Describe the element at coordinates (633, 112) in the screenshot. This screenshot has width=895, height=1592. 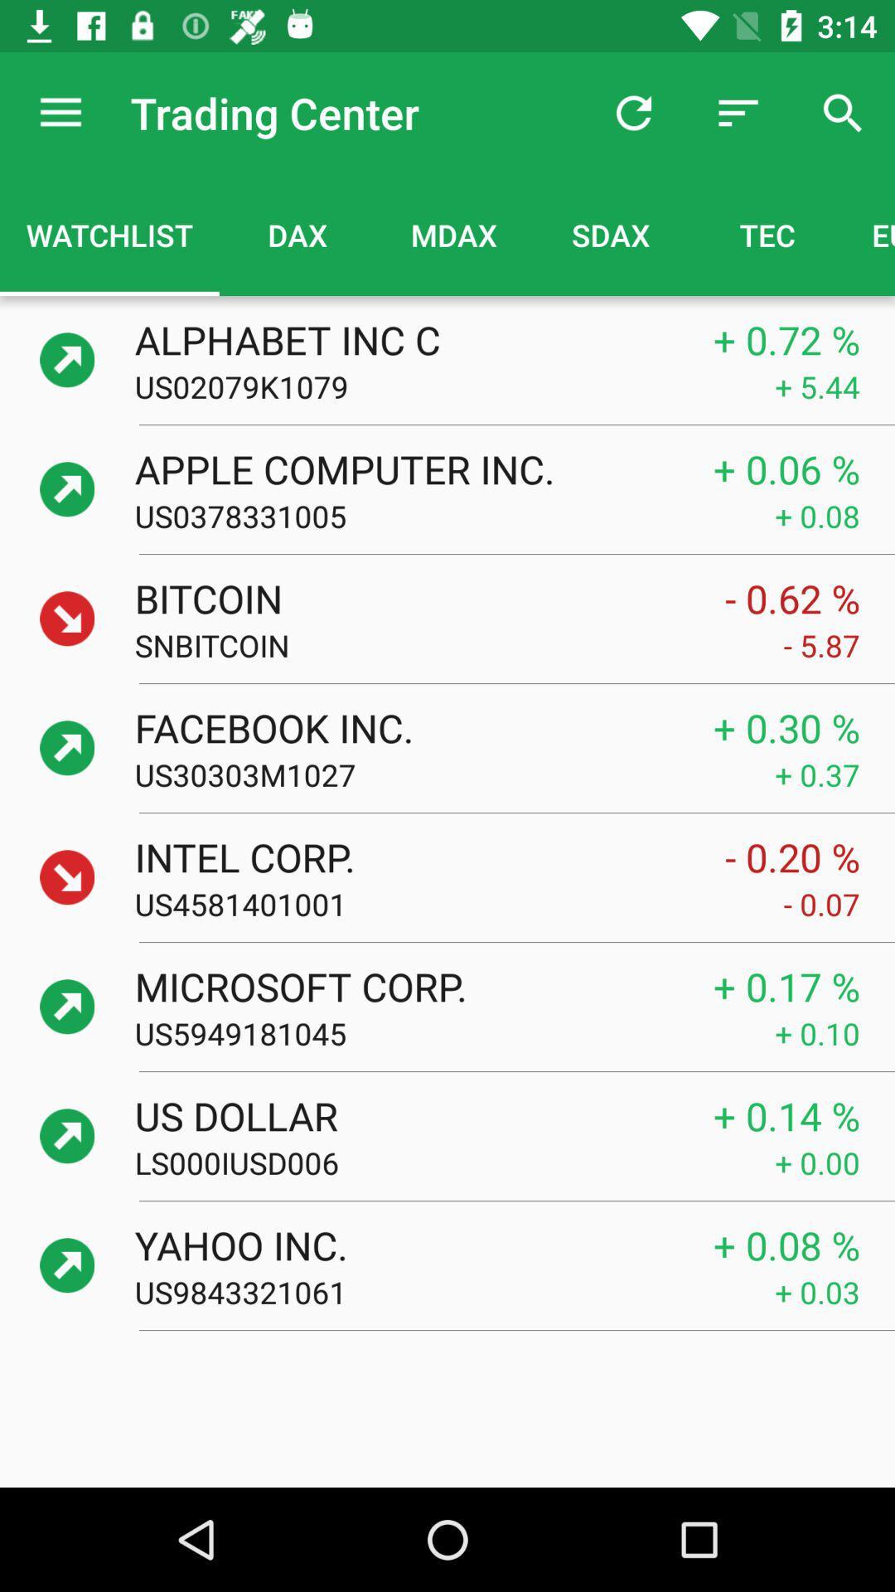
I see `the icon next to the trading center` at that location.